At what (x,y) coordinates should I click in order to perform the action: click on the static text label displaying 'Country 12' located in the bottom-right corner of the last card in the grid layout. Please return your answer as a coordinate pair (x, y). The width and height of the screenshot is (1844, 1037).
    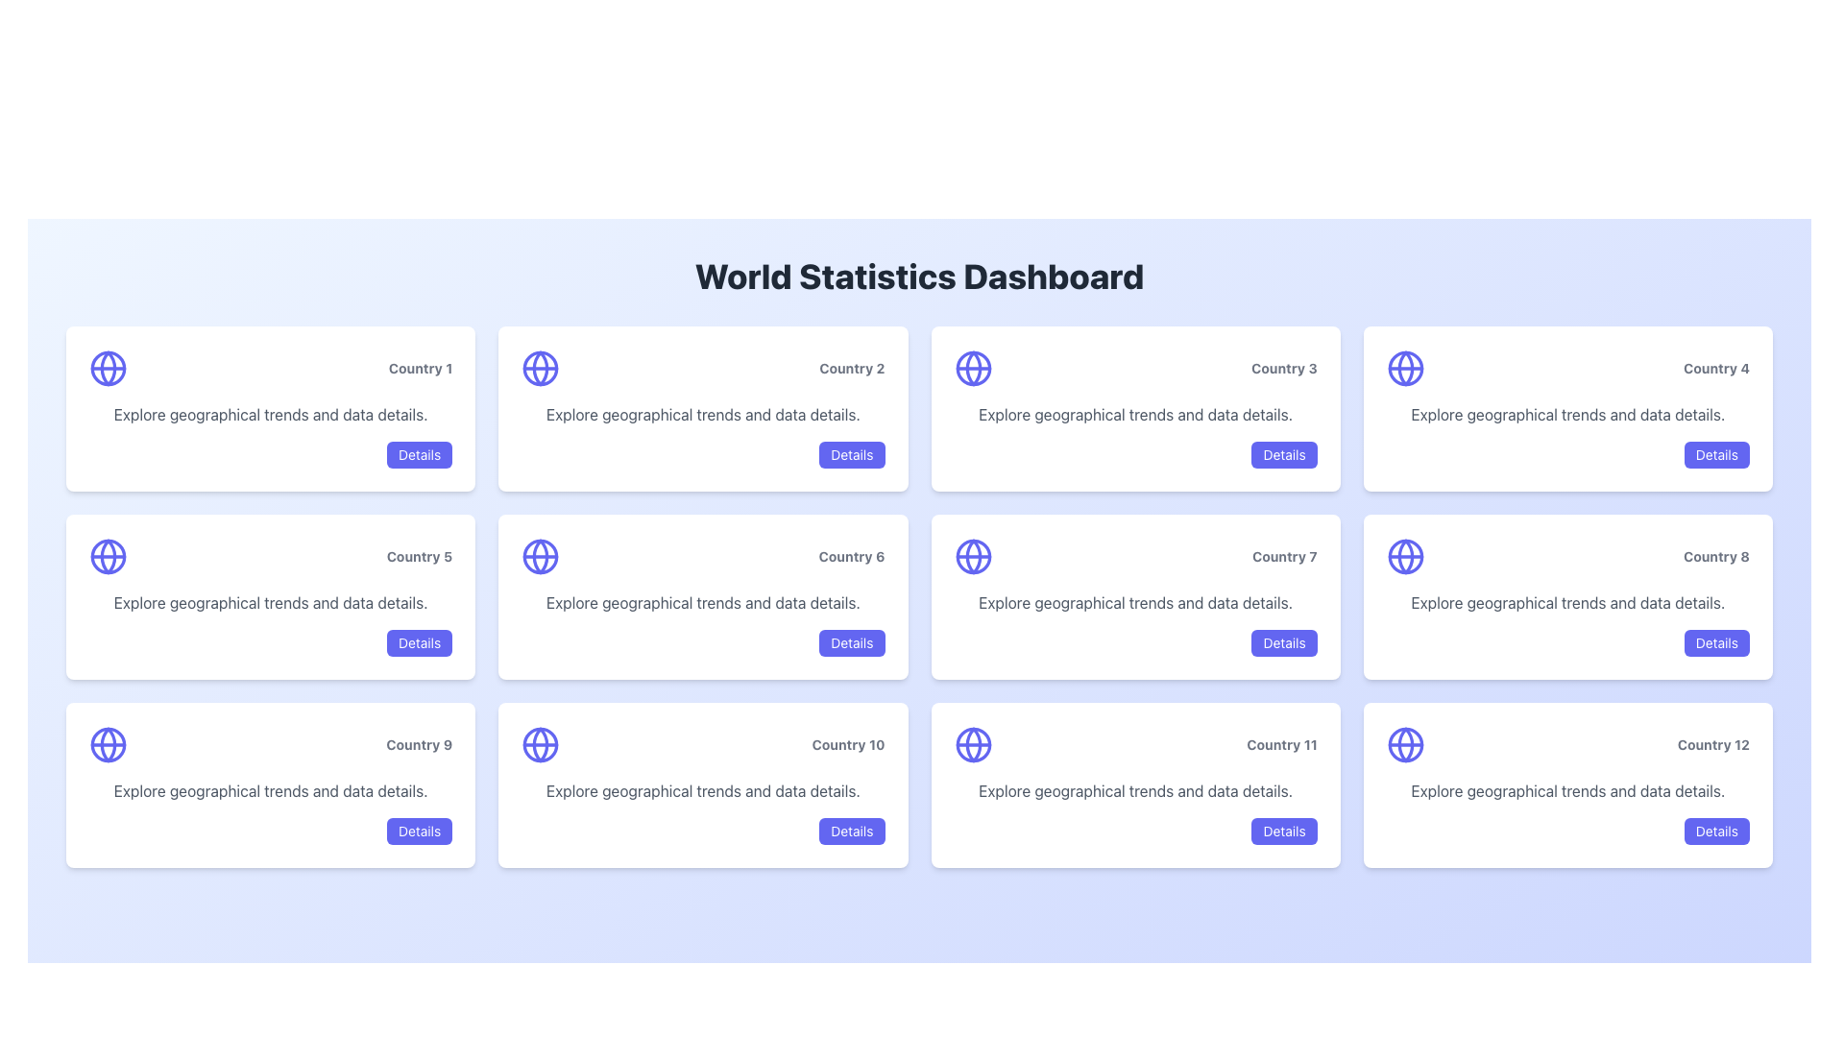
    Looking at the image, I should click on (1713, 743).